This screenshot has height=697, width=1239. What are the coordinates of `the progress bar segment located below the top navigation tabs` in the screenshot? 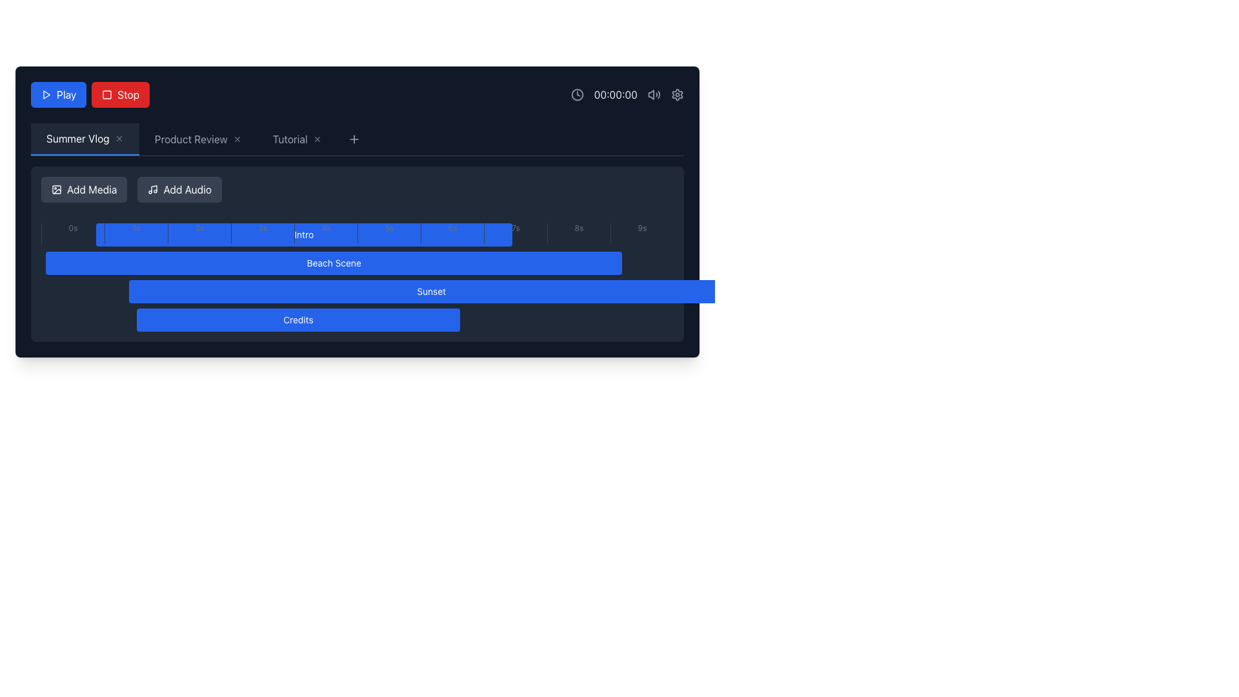 It's located at (357, 234).